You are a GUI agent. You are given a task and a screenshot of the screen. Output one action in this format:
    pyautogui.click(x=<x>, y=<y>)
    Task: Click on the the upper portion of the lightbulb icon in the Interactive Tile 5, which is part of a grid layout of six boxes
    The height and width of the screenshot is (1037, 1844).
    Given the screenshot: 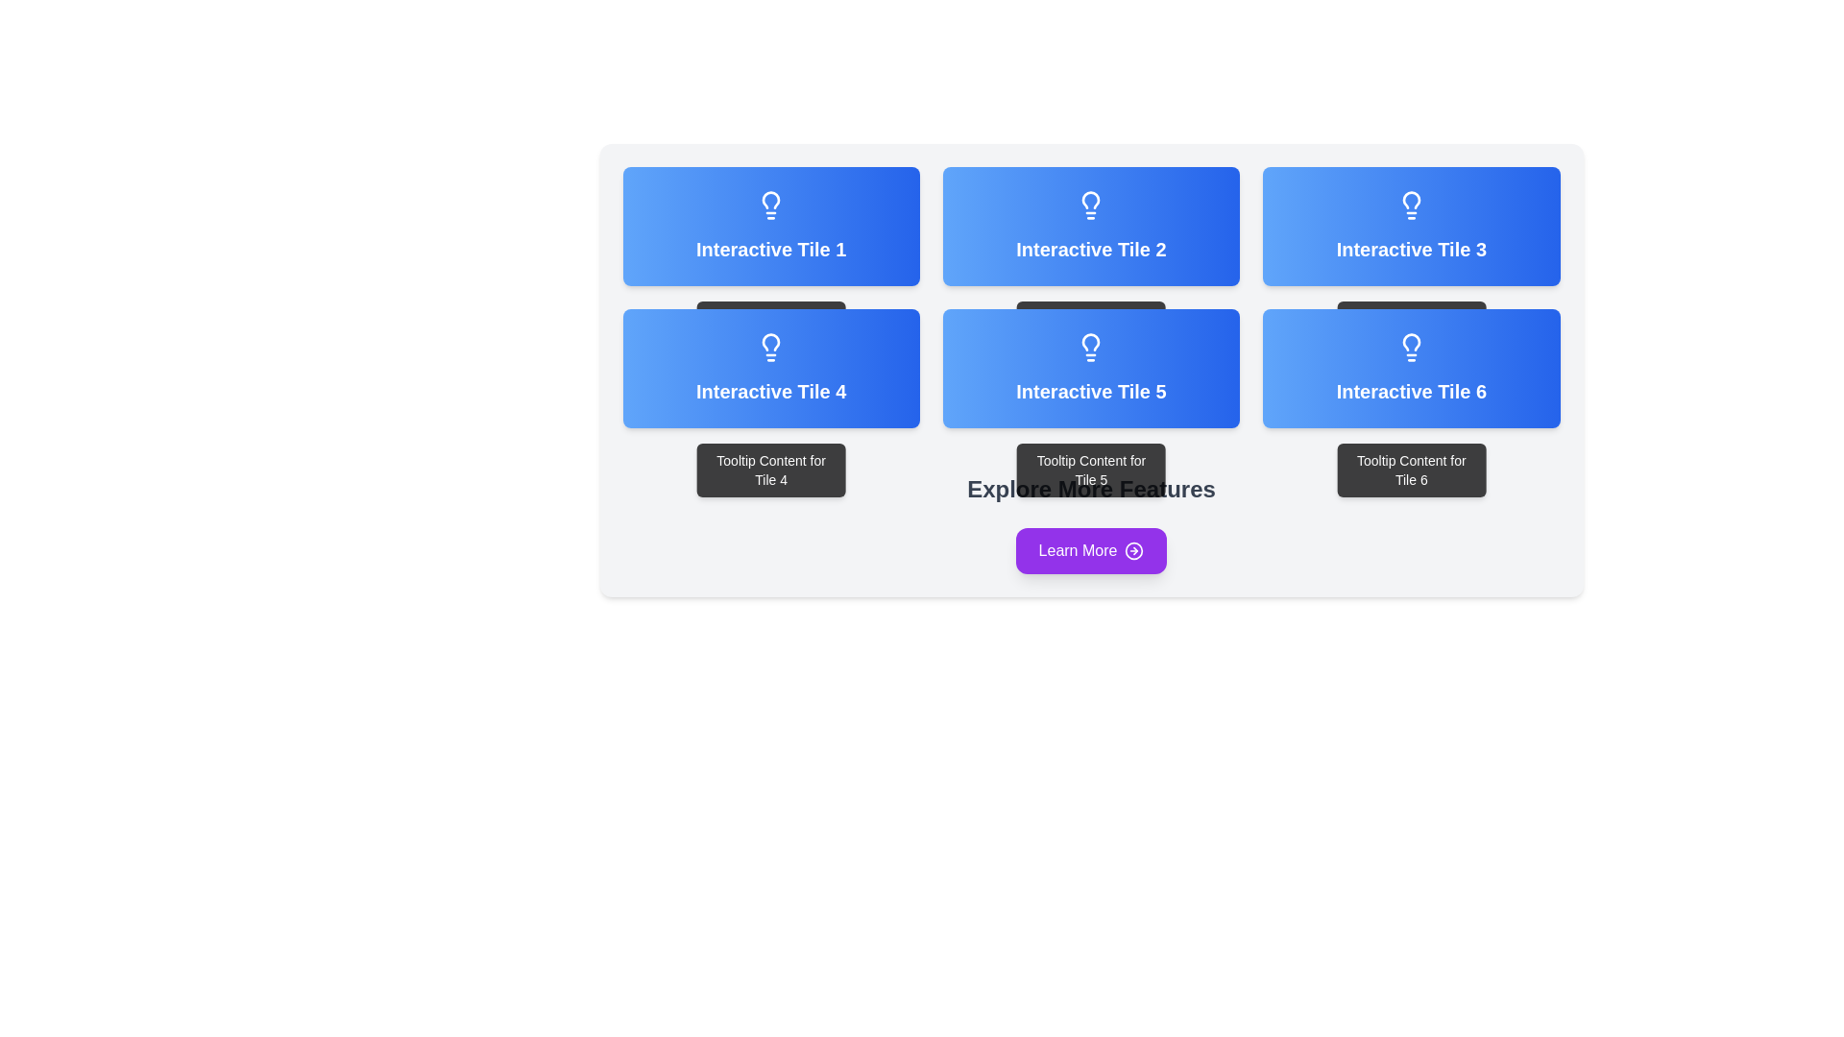 What is the action you would take?
    pyautogui.click(x=1091, y=341)
    